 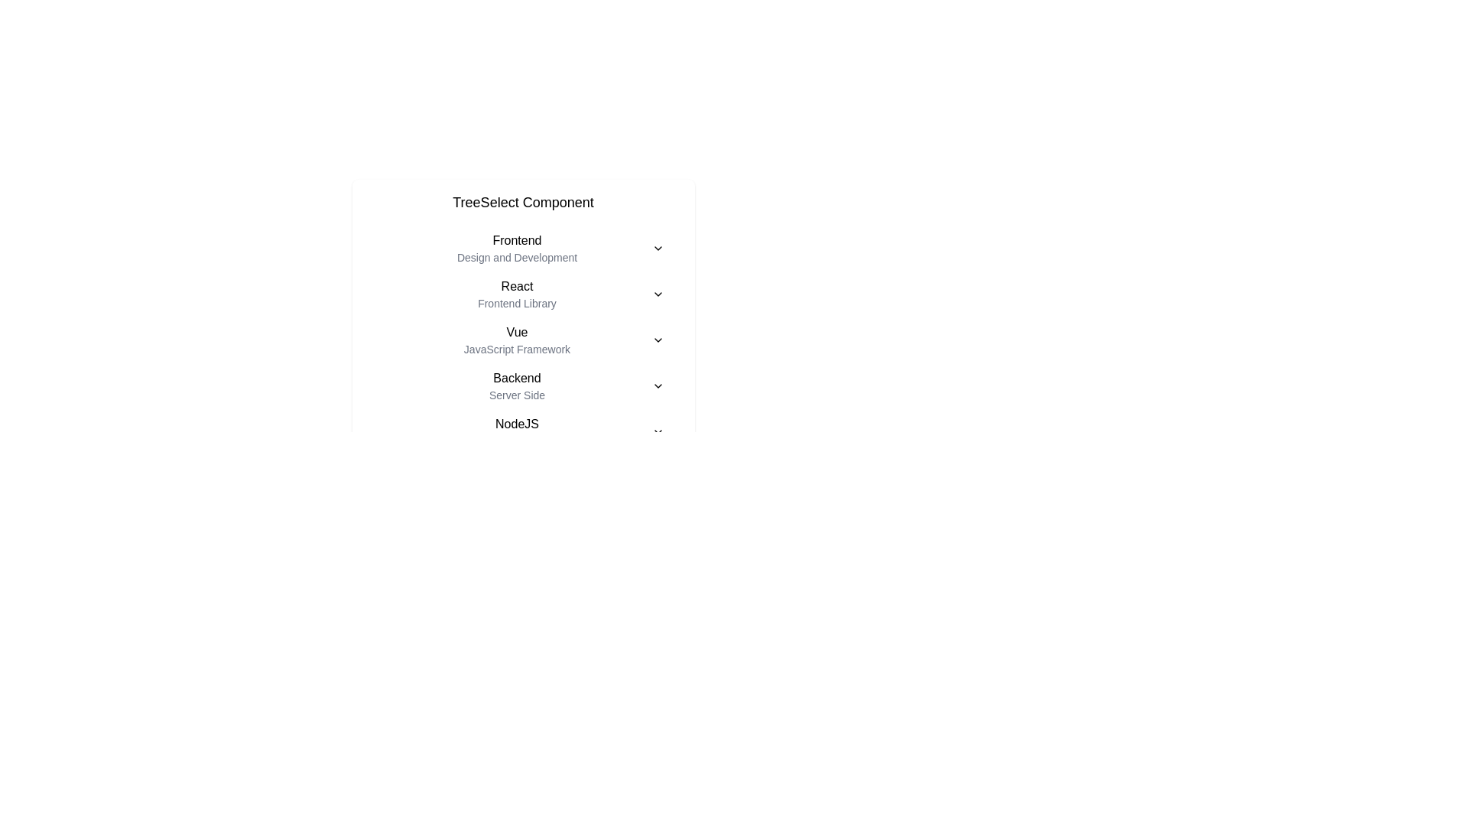 I want to click on text from the header element displaying 'TreeSelect Component' located at the top-center of the component, so click(x=523, y=202).